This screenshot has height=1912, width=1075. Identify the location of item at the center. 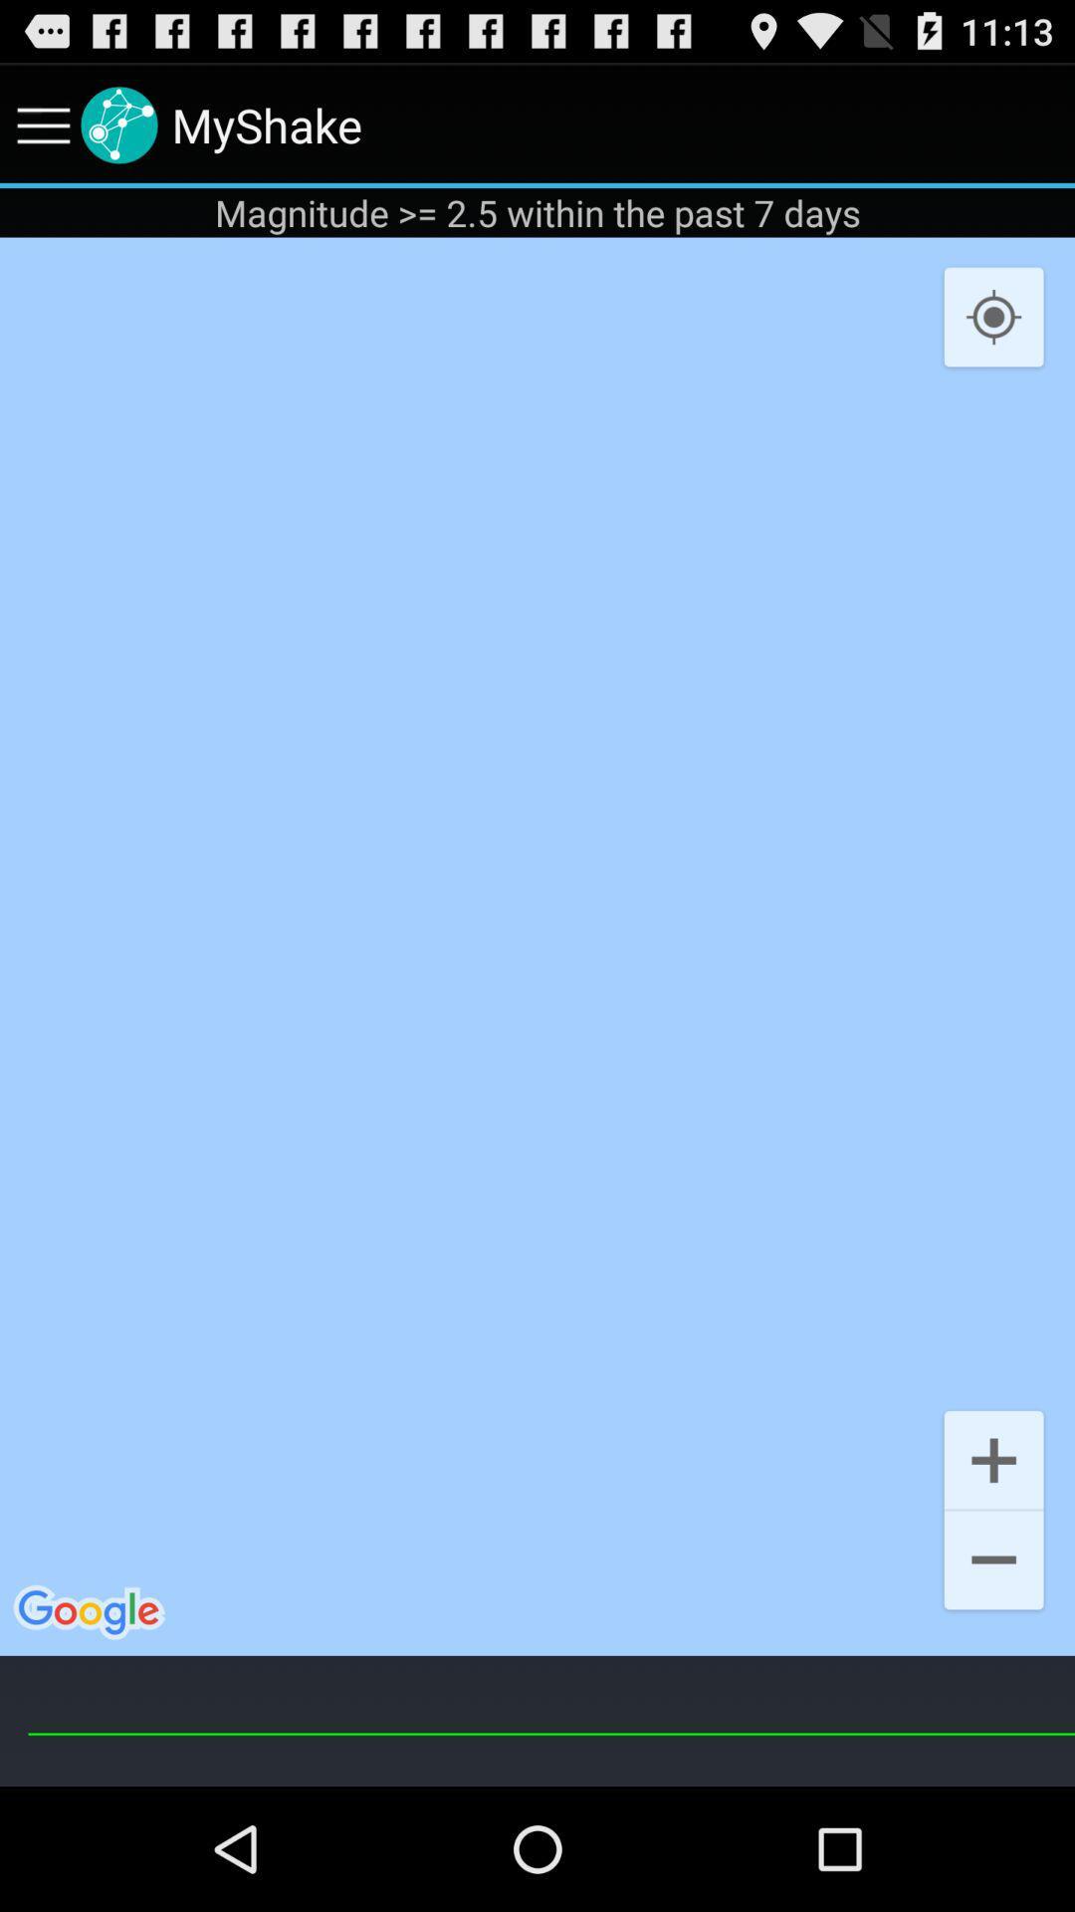
(537, 945).